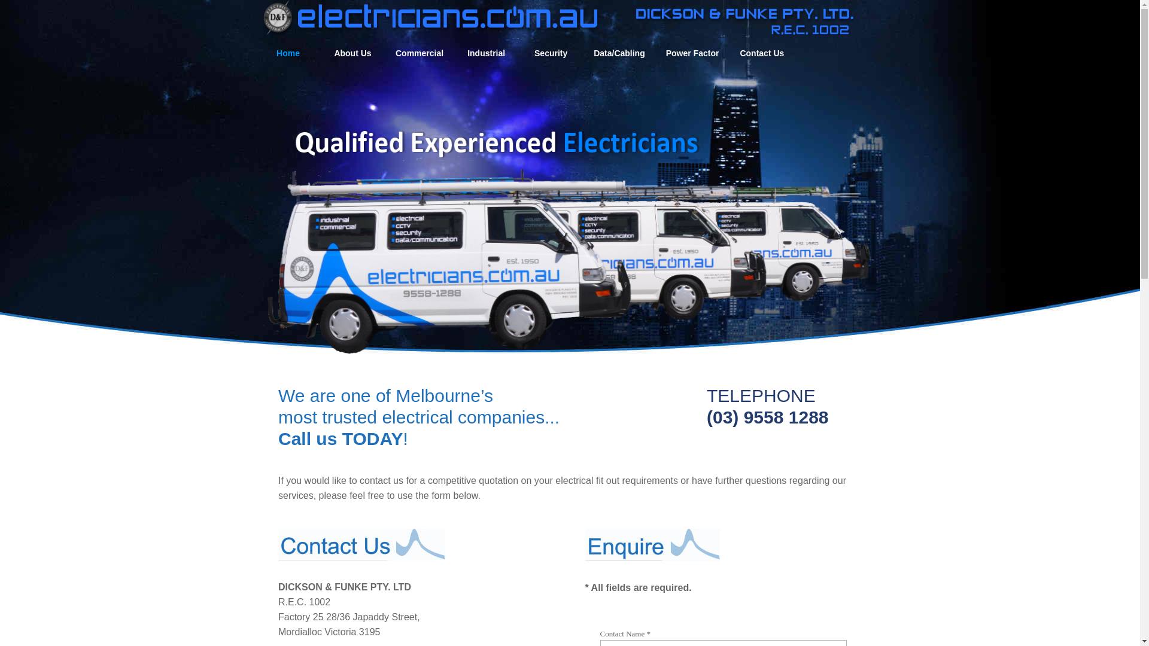 Image resolution: width=1149 pixels, height=646 pixels. Describe the element at coordinates (550, 53) in the screenshot. I see `'Security'` at that location.